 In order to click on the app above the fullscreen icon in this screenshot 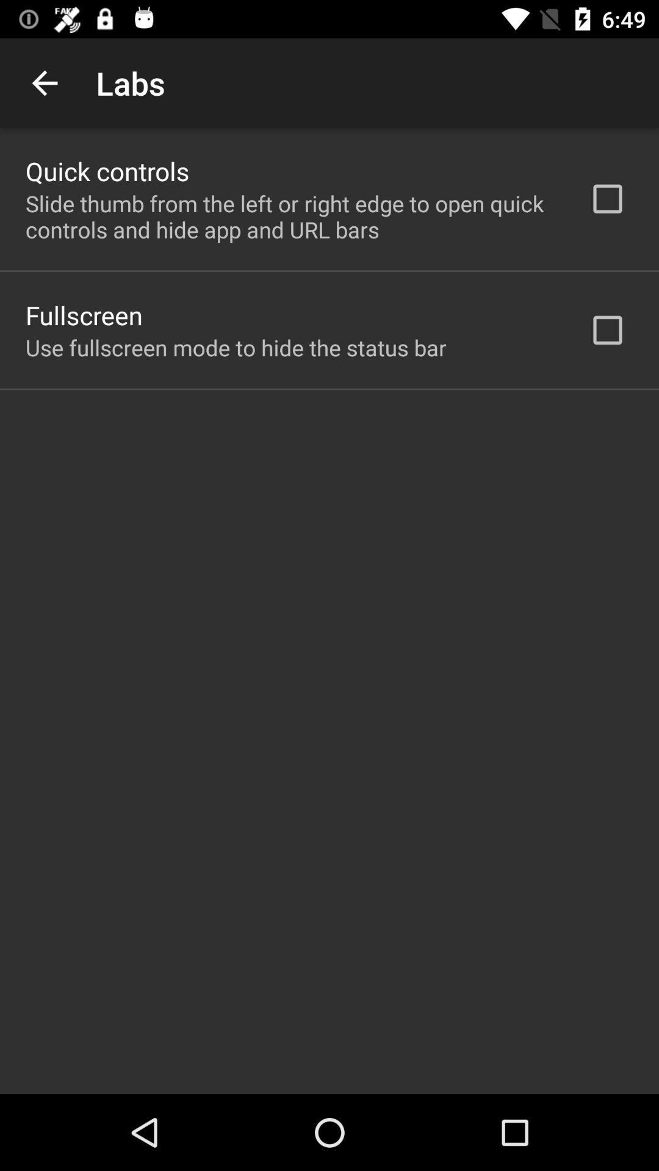, I will do `click(291, 217)`.